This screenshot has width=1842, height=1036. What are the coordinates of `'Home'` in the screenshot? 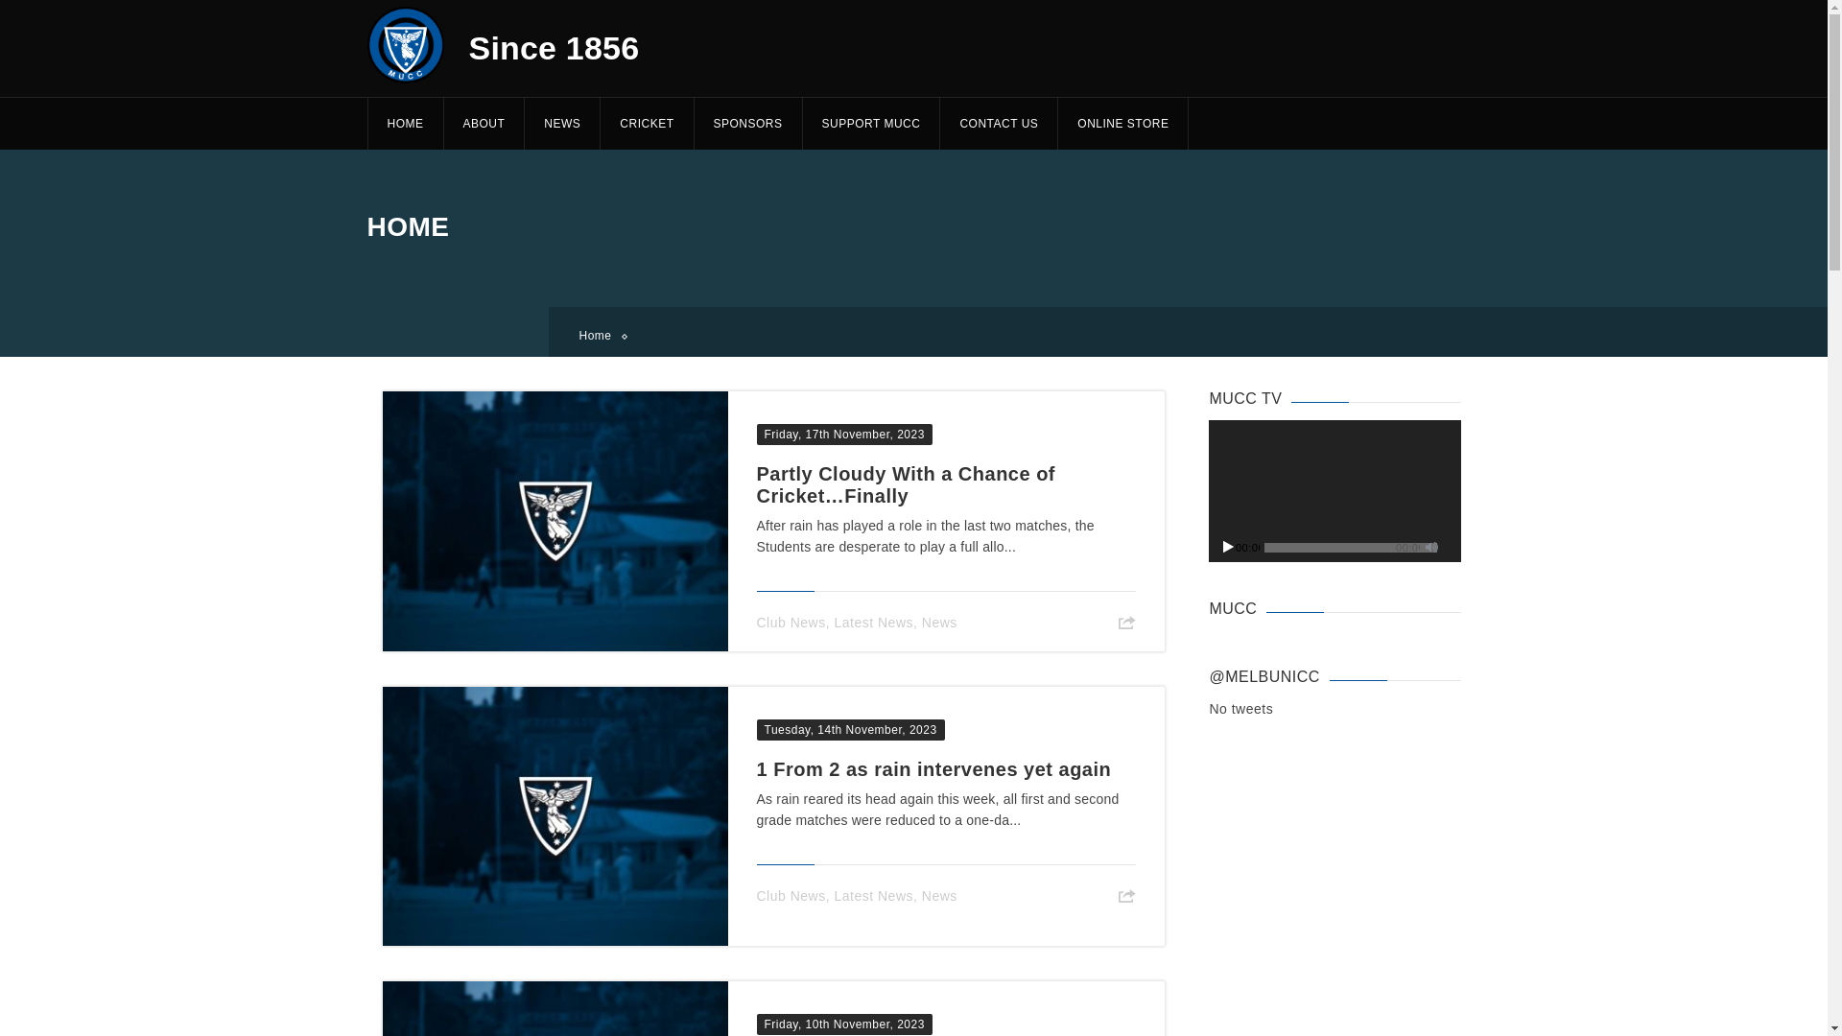 It's located at (601, 335).